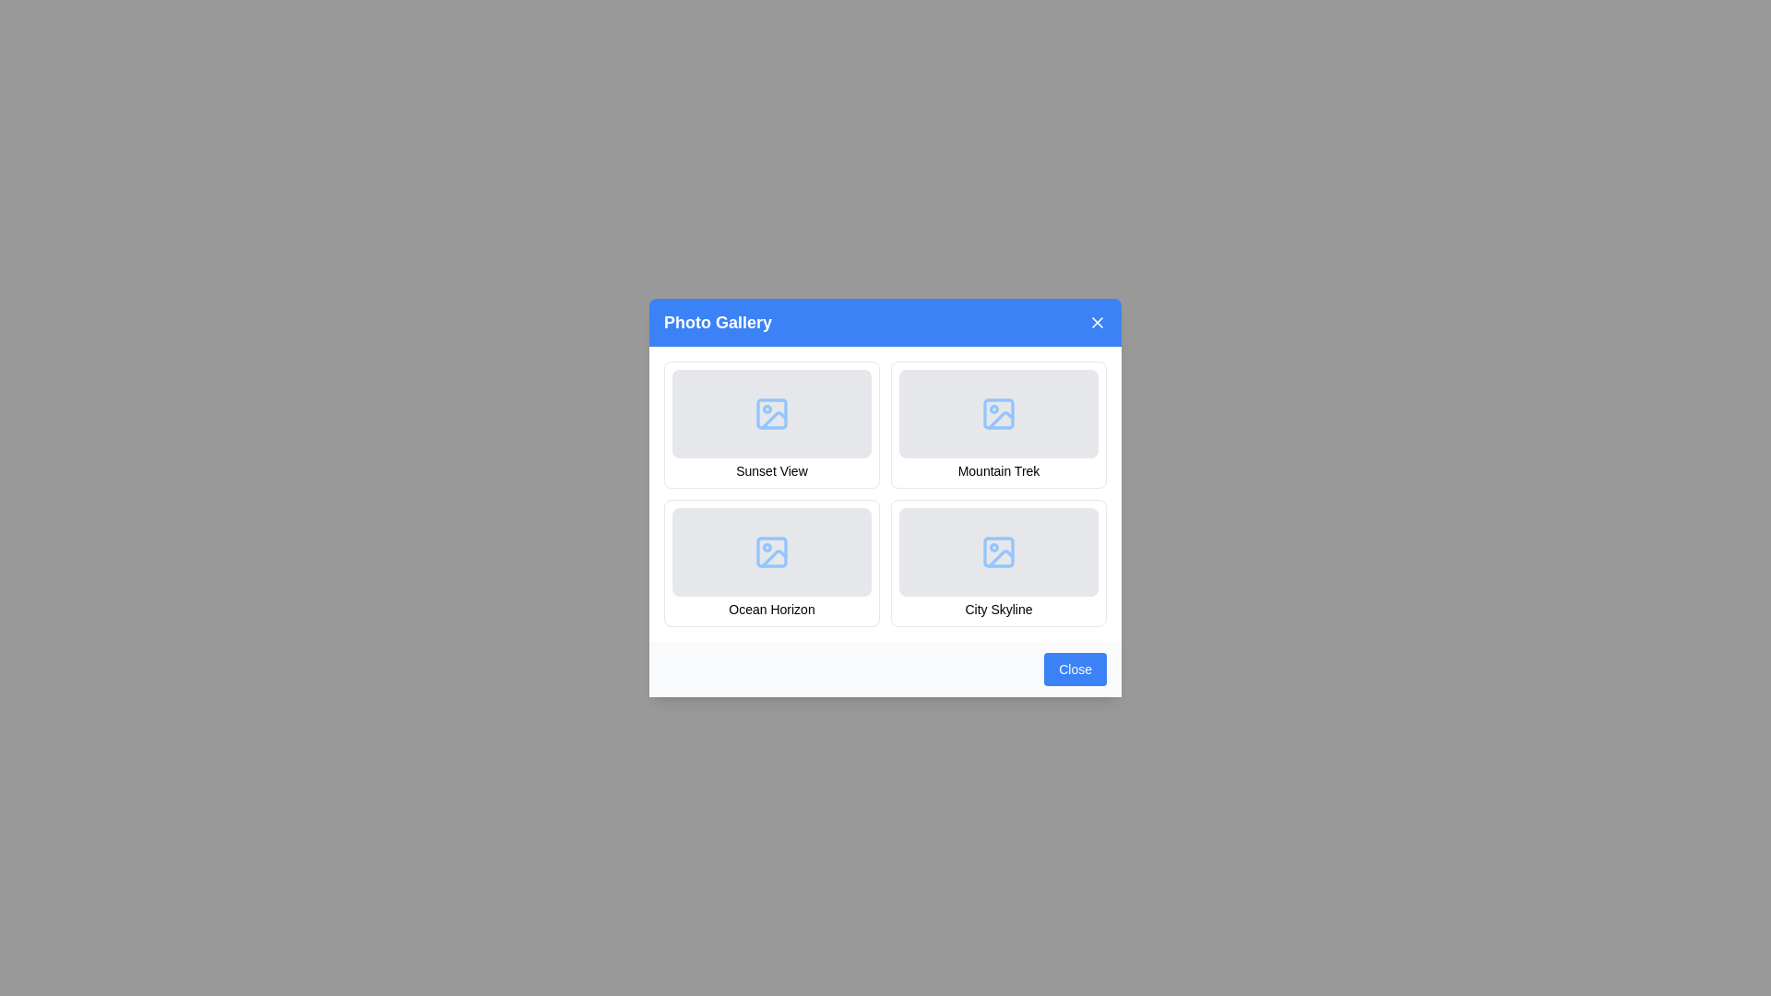 This screenshot has height=996, width=1771. I want to click on the close button located in the bottom-right corner of the modal window, so click(1076, 669).